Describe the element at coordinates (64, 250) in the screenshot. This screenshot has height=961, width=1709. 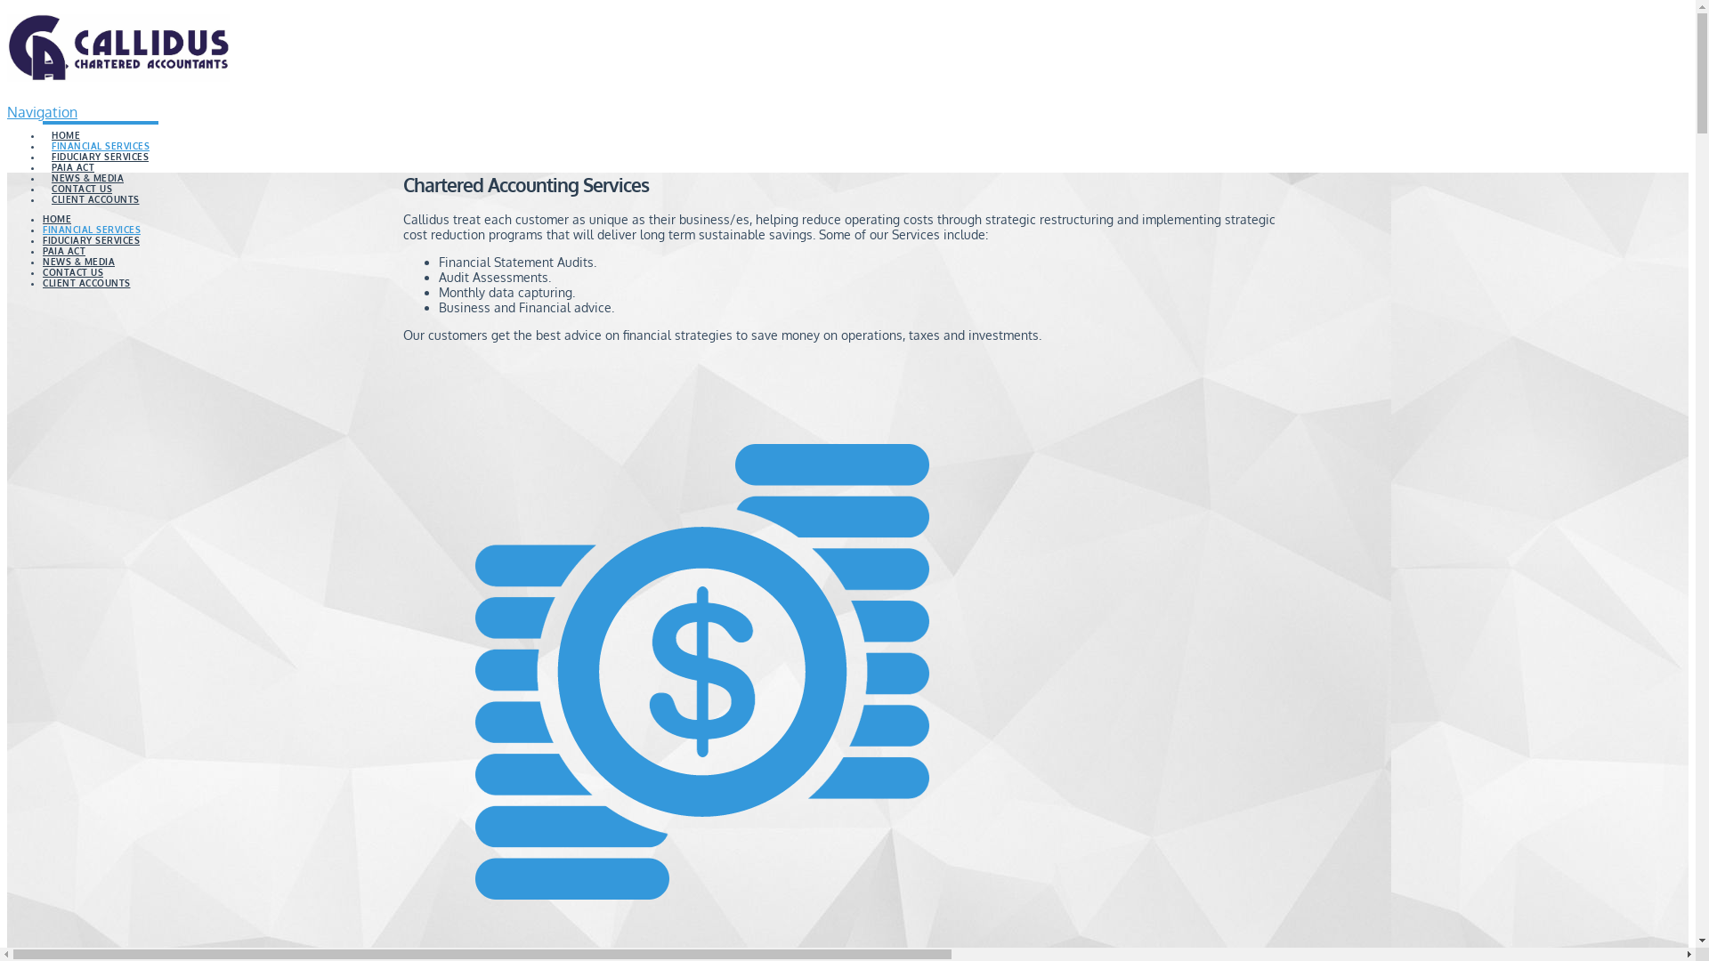
I see `'PAIA ACT'` at that location.